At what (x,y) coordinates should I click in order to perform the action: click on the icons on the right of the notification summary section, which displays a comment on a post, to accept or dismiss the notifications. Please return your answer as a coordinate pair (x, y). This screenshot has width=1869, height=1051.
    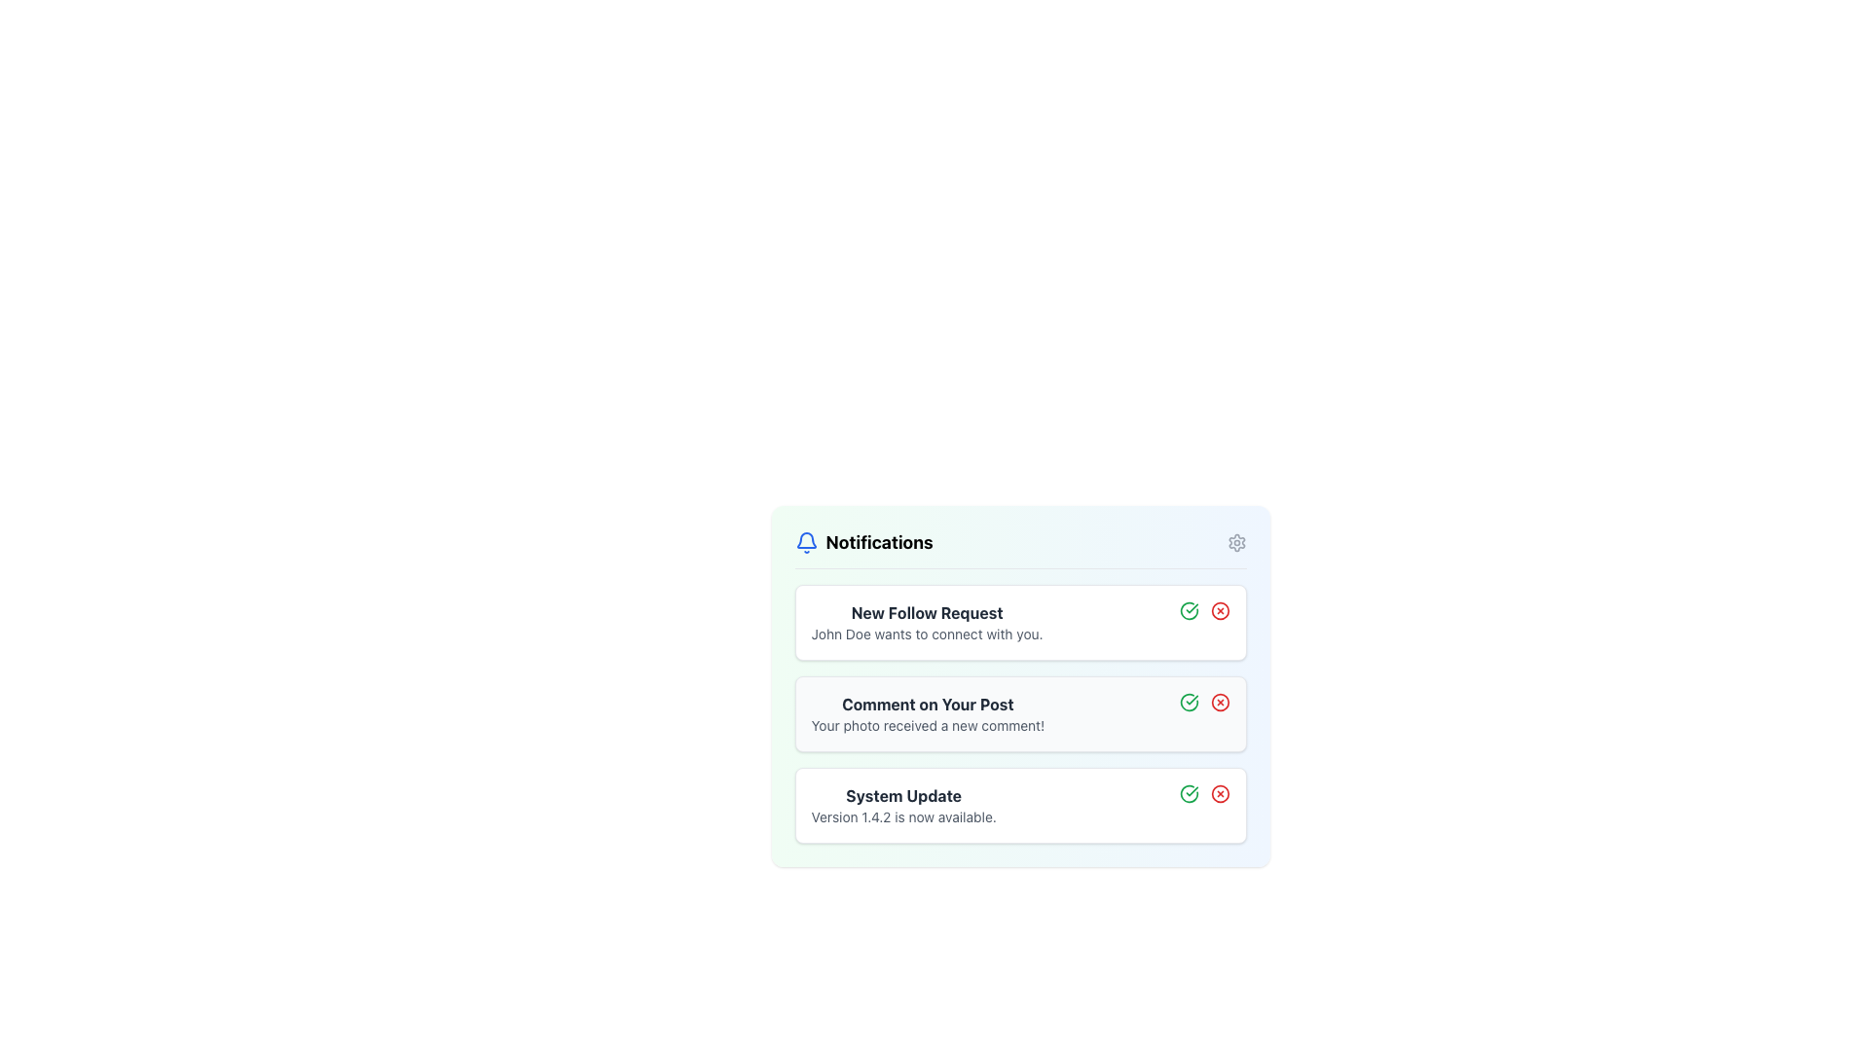
    Looking at the image, I should click on (1019, 713).